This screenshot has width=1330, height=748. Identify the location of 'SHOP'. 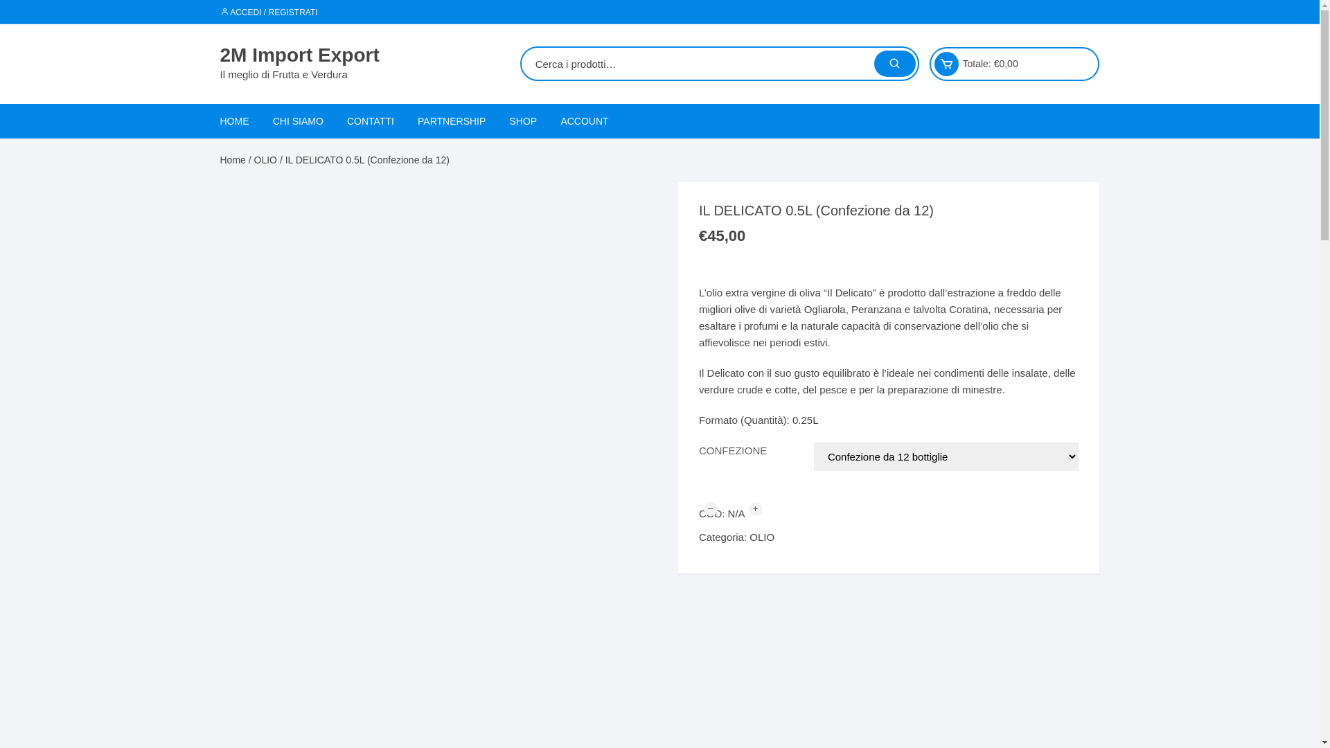
(523, 120).